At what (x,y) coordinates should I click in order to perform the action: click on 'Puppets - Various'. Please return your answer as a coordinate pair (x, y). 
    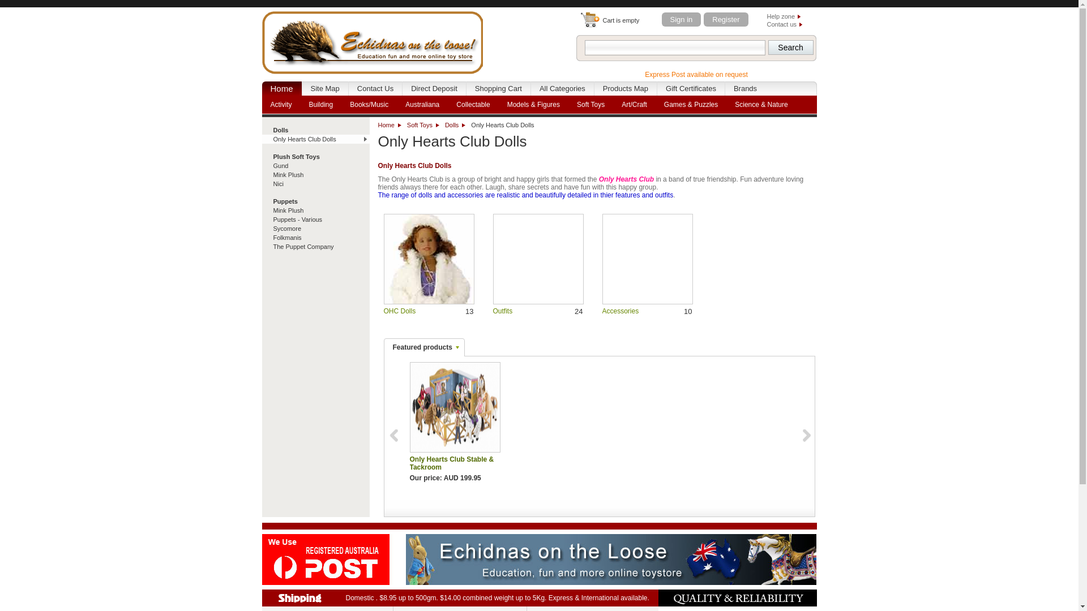
    Looking at the image, I should click on (315, 220).